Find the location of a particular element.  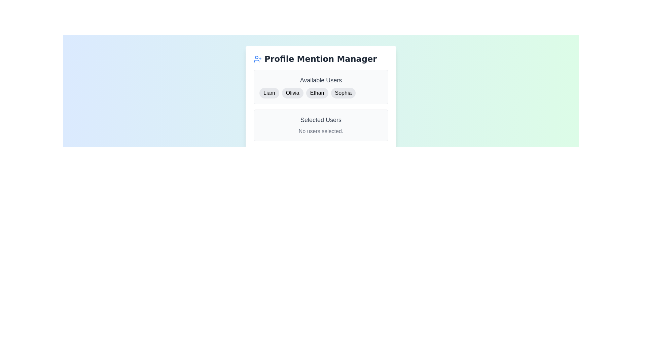

the 'Liam' button in the 'Available Users' section of the 'Profile Mention Manager' panel to observe a change in background color is located at coordinates (269, 93).